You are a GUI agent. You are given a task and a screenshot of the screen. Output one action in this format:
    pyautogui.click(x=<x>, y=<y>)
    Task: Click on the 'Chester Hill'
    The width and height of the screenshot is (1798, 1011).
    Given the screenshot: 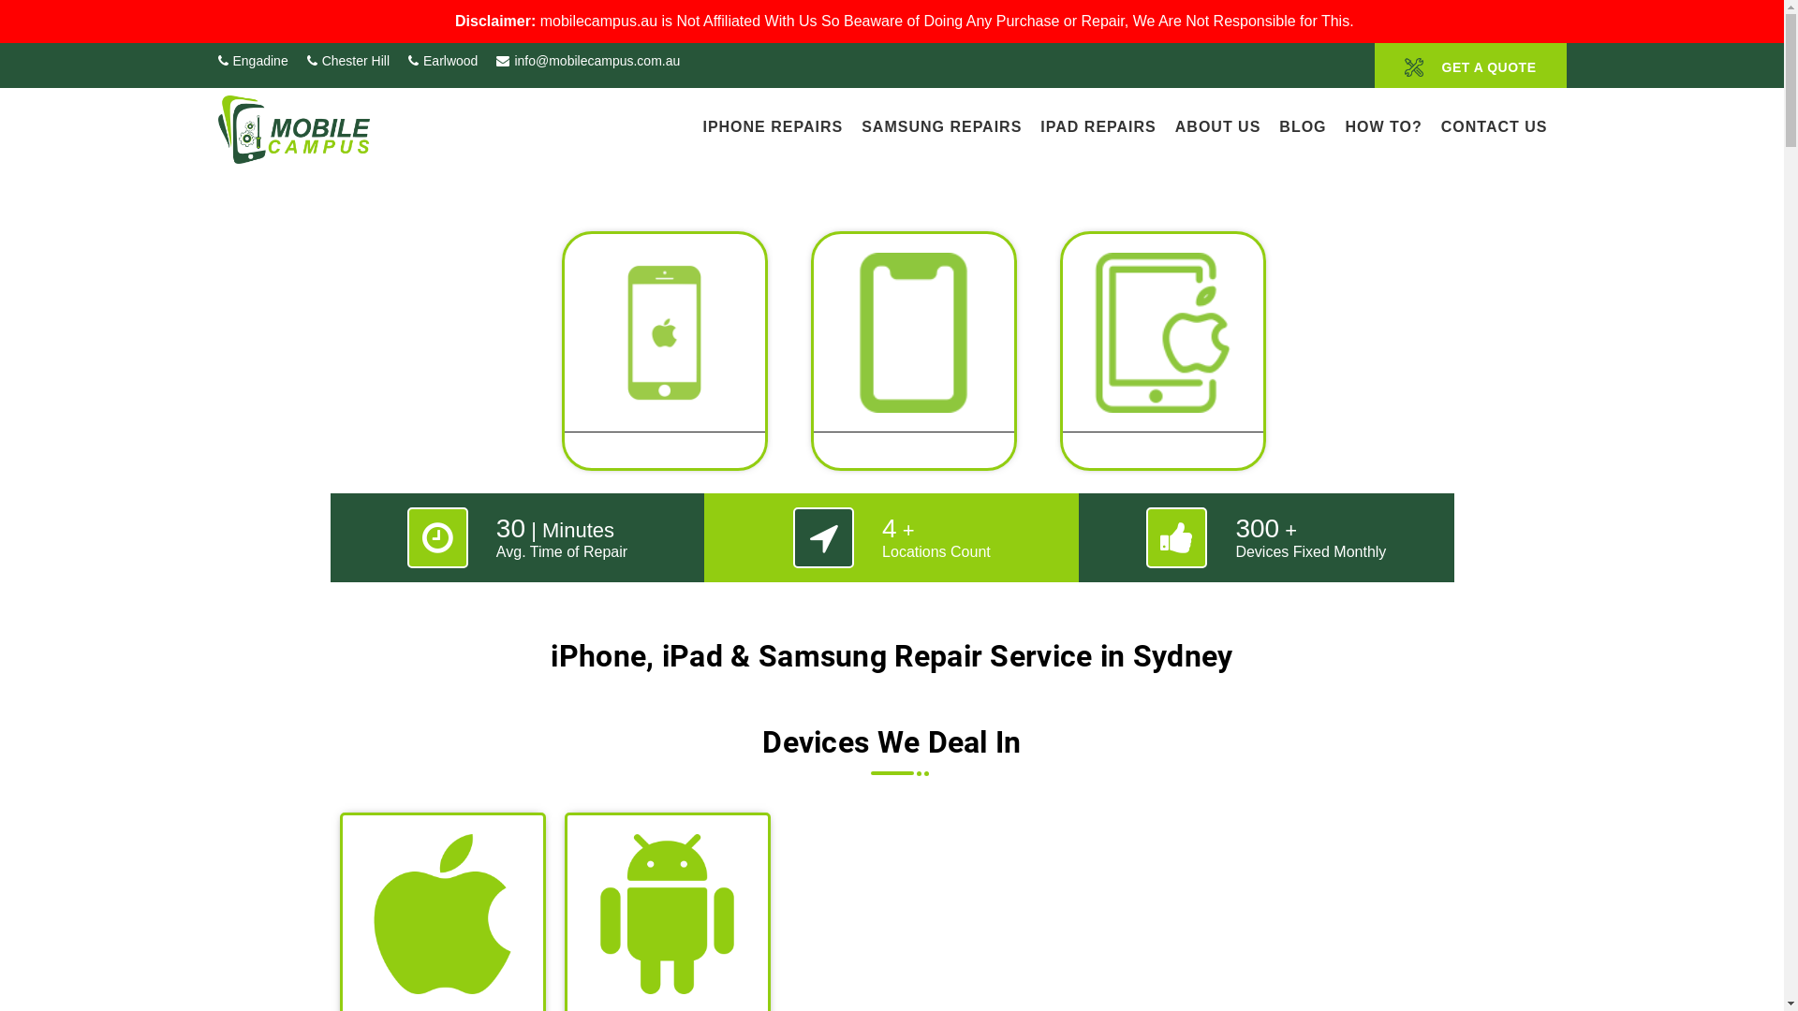 What is the action you would take?
    pyautogui.click(x=348, y=60)
    